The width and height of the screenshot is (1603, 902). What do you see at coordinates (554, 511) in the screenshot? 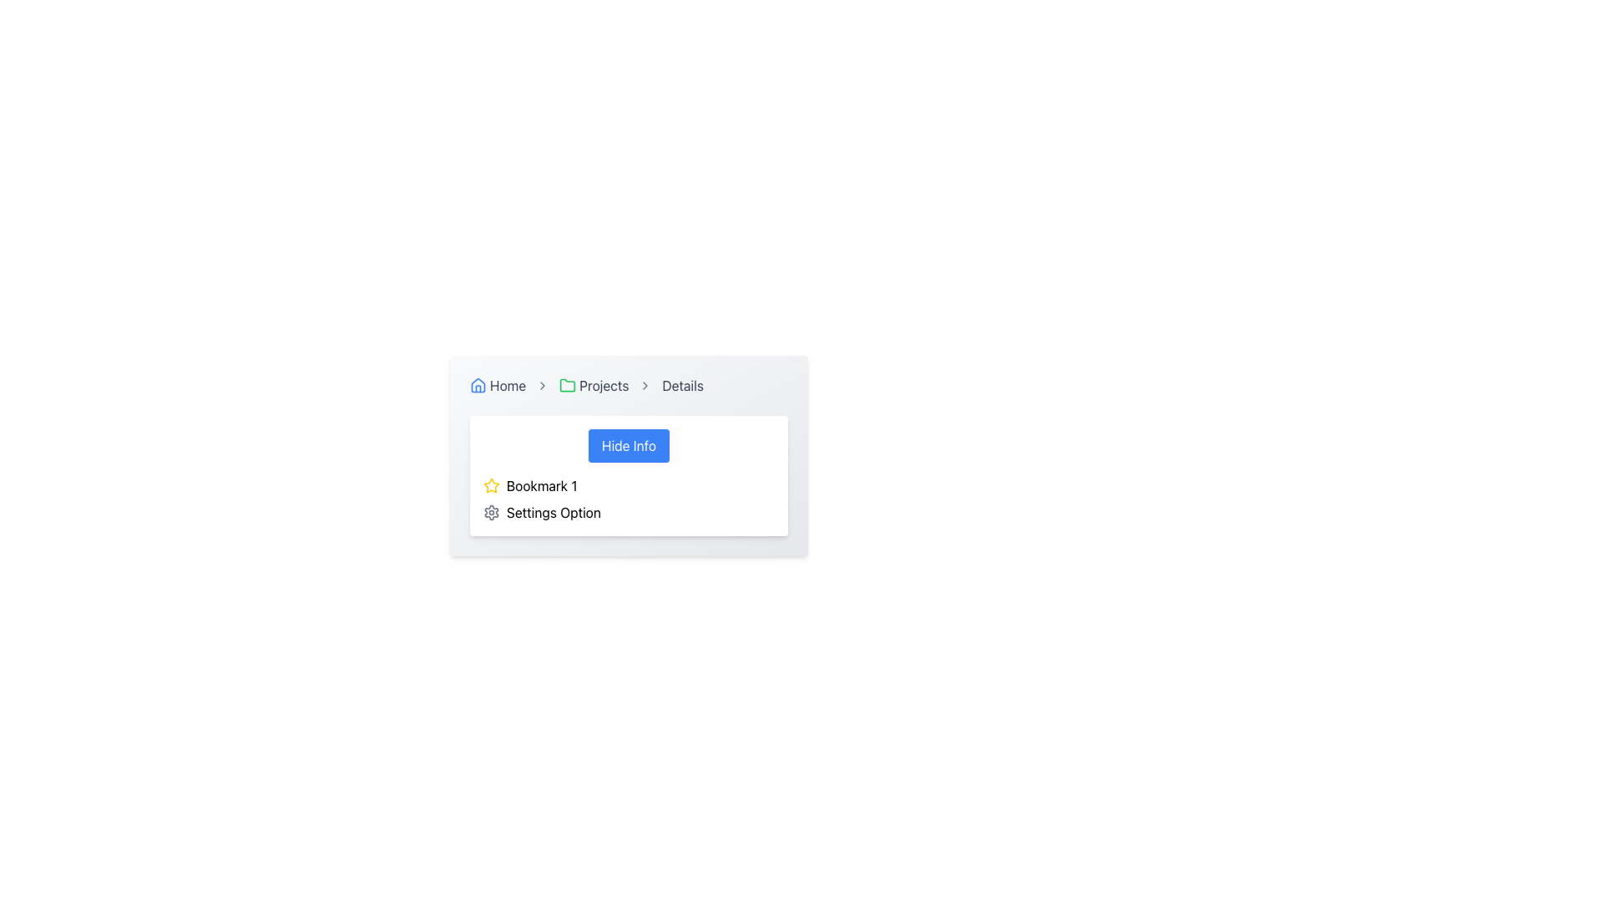
I see `text of the settings option label located at the bottom left of the main content area, positioned to the right of a settings icon` at bounding box center [554, 511].